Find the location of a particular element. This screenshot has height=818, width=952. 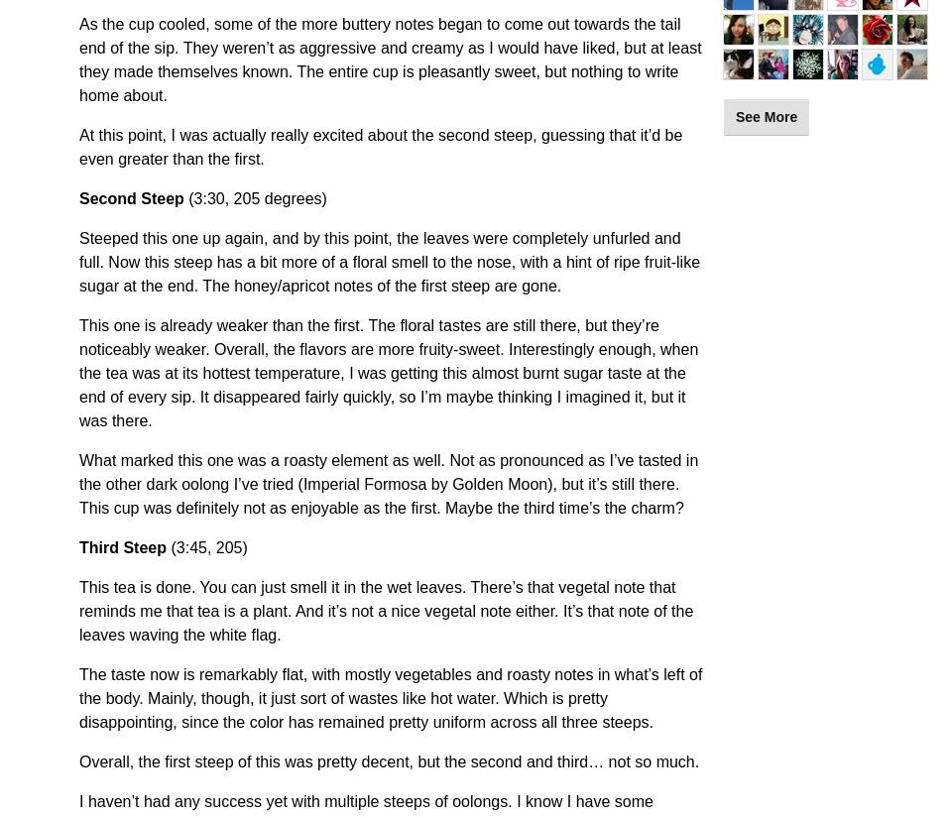

'The taste now is remarkably flat, with mostly vegetables and roasty notes in what’s left of the body. Mainly, though, it just sort of wastes like hot water. Which is pretty disappointing, since the color has remained pretty uniform across all three steeps.' is located at coordinates (389, 697).